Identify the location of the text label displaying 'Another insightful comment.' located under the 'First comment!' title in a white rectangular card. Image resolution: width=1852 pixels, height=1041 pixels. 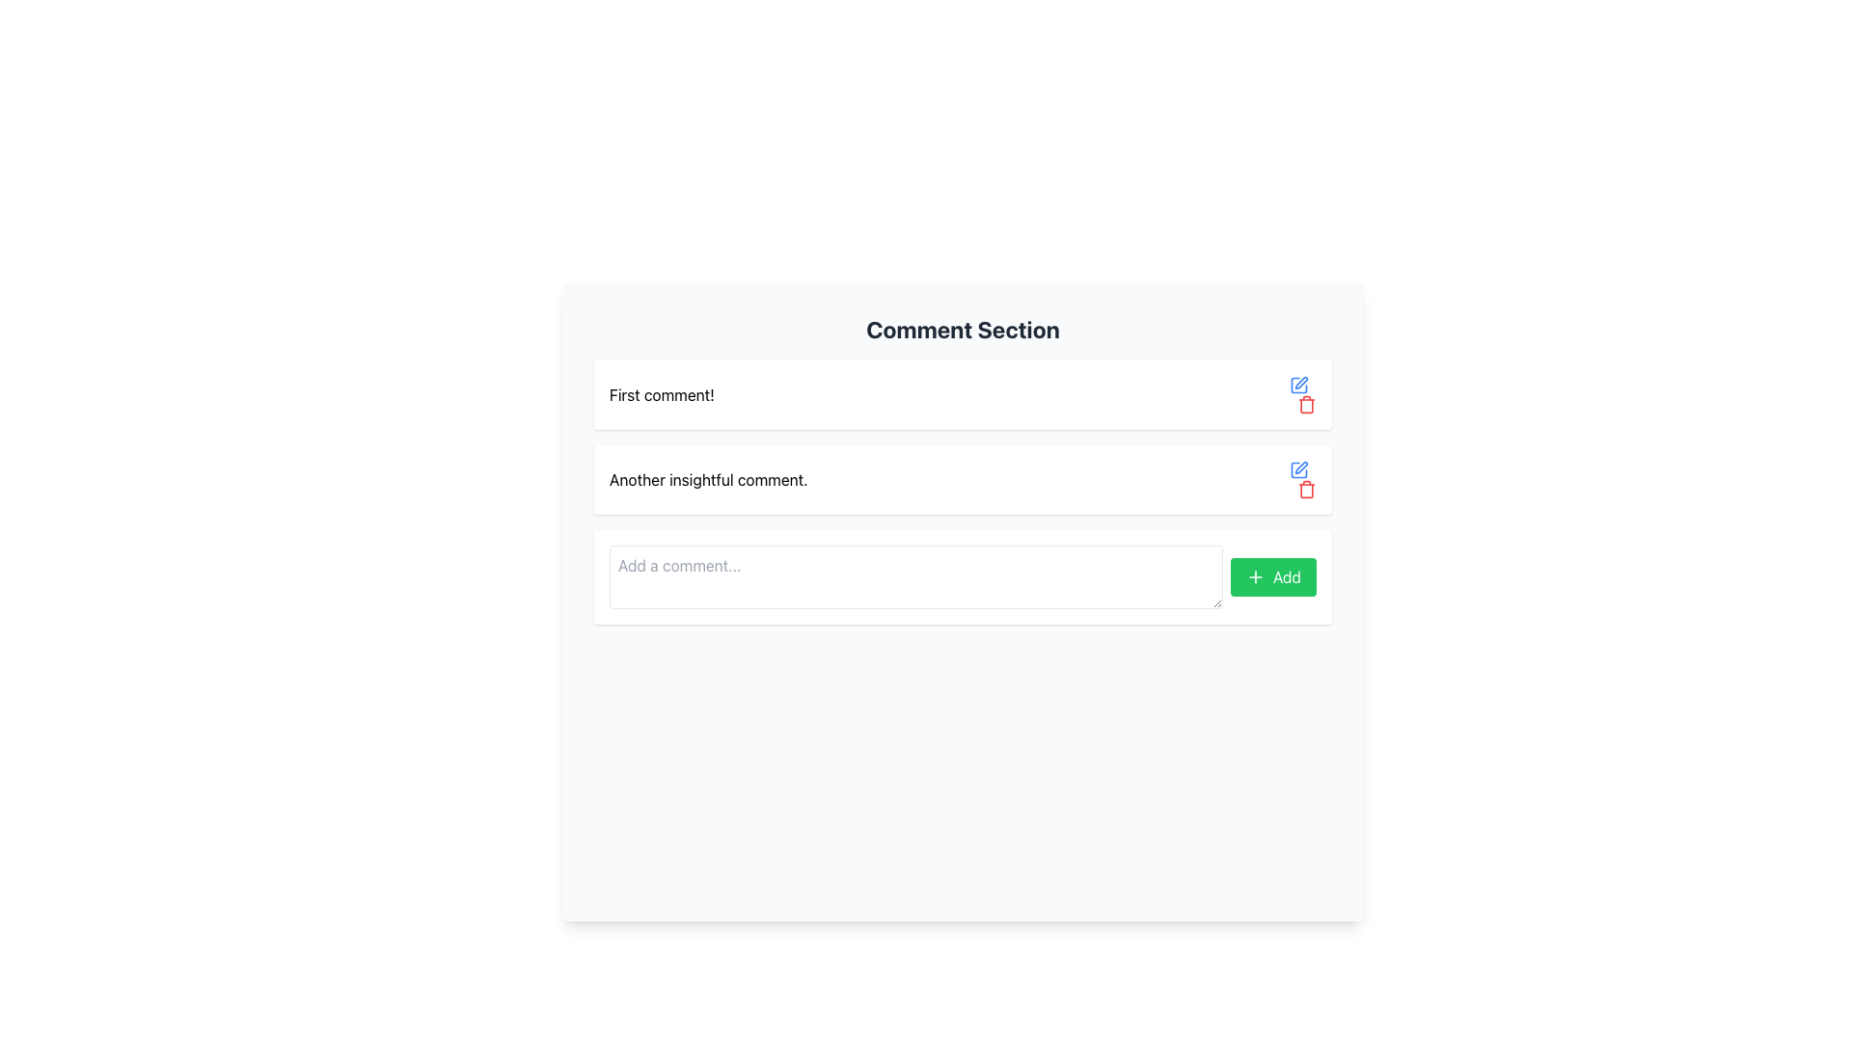
(707, 478).